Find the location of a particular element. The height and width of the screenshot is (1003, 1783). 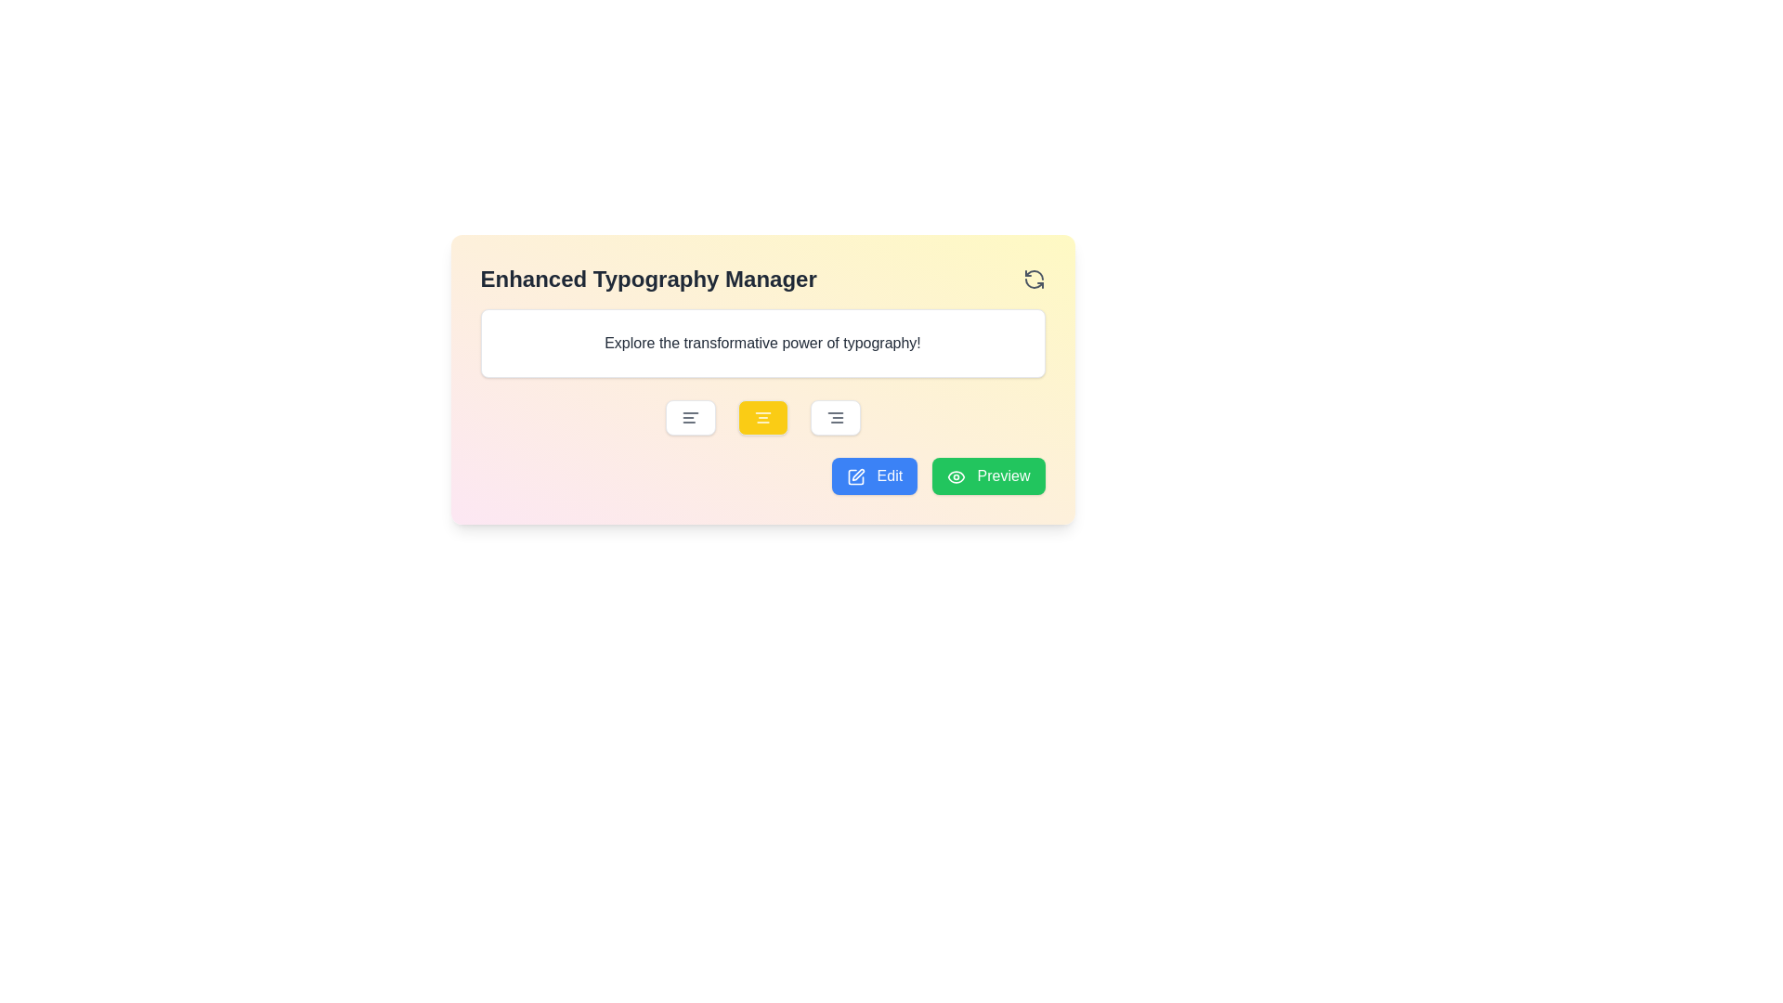

the square-shaped figure with rounded corners that is styled with a thin black border, located within the pen-and-square icon in the top-right portion of the interface is located at coordinates (855, 475).